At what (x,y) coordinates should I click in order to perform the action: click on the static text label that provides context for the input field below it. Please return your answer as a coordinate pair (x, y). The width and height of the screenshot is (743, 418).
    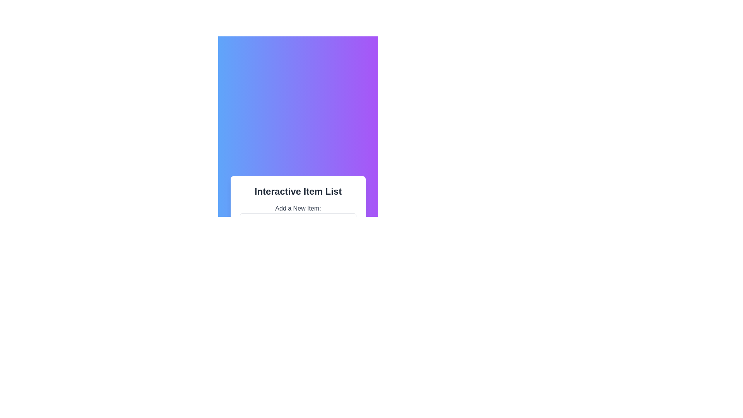
    Looking at the image, I should click on (298, 208).